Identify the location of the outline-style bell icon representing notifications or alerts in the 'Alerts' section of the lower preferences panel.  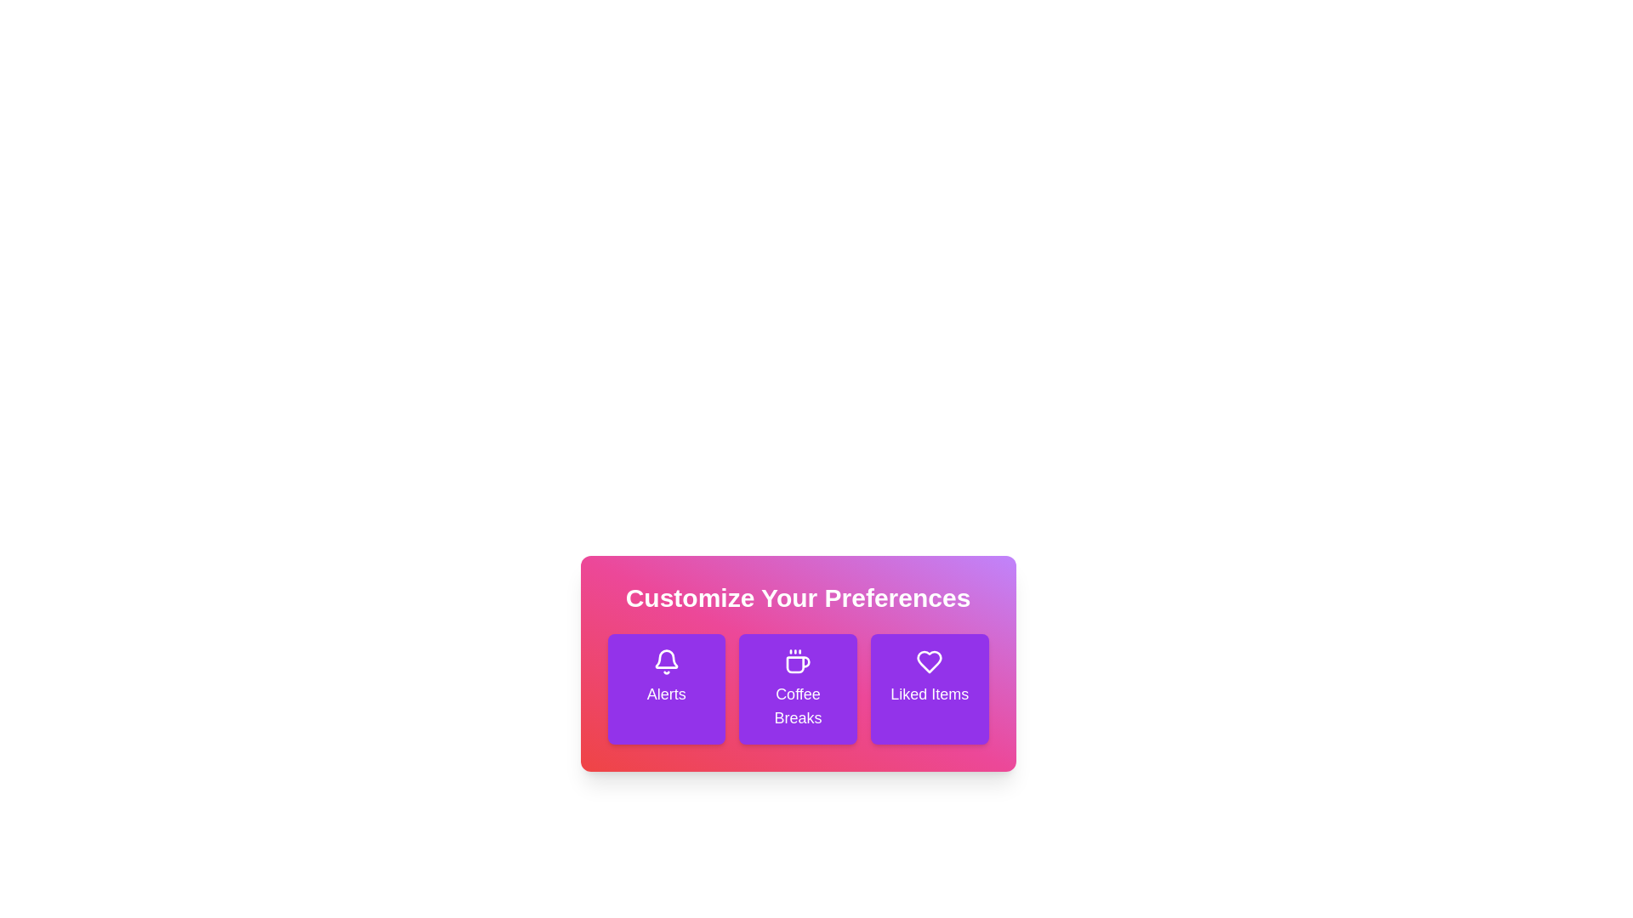
(665, 661).